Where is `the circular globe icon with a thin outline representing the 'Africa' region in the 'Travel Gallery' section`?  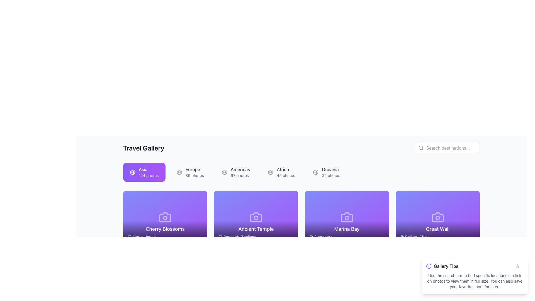 the circular globe icon with a thin outline representing the 'Africa' region in the 'Travel Gallery' section is located at coordinates (271, 172).